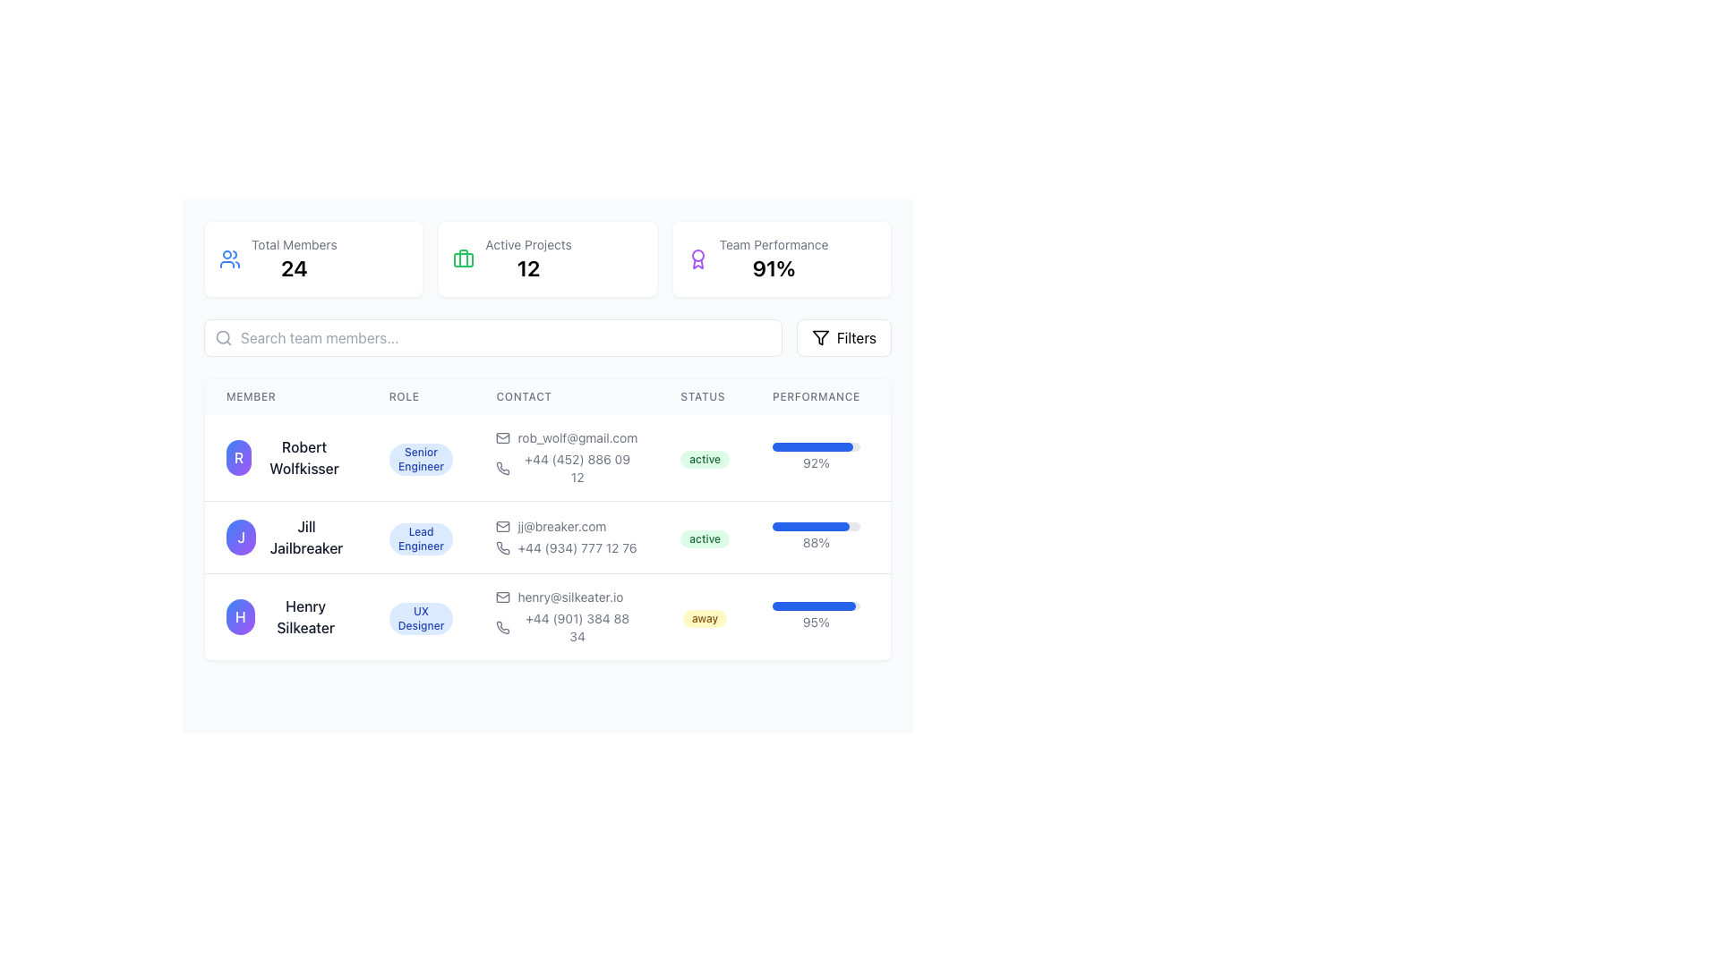  Describe the element at coordinates (502, 547) in the screenshot. I see `the phone number icon located in the 'Contact' column of the second row in the table, which is positioned left of the phone number '+44 (934) 777 12 76'` at that location.